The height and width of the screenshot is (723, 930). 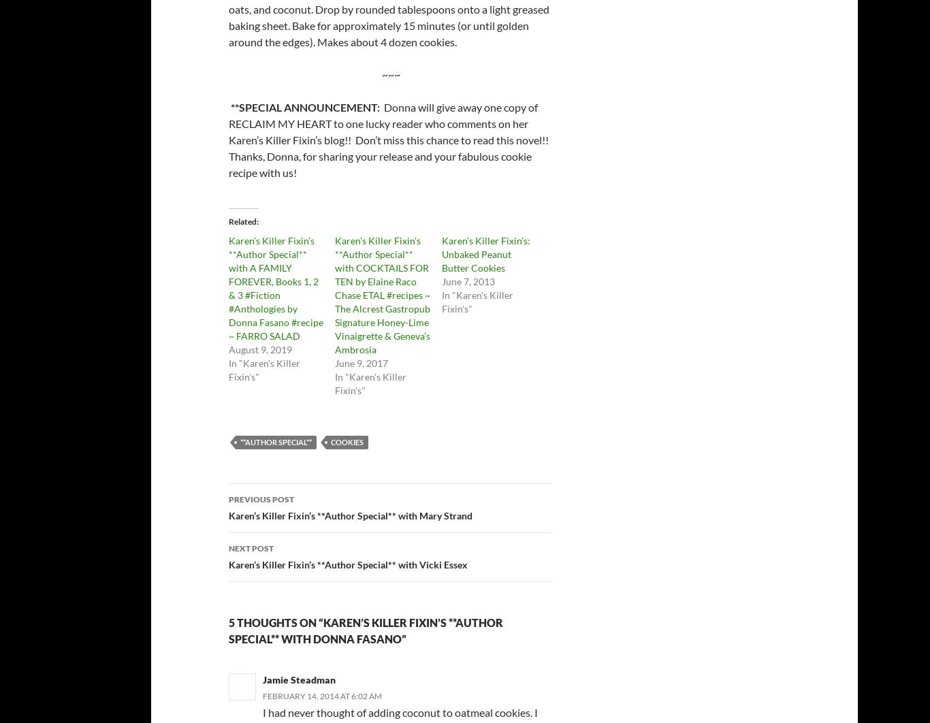 What do you see at coordinates (229, 564) in the screenshot?
I see `'Karen’s Killer Fixin’s **Author Special** with Vicki Essex'` at bounding box center [229, 564].